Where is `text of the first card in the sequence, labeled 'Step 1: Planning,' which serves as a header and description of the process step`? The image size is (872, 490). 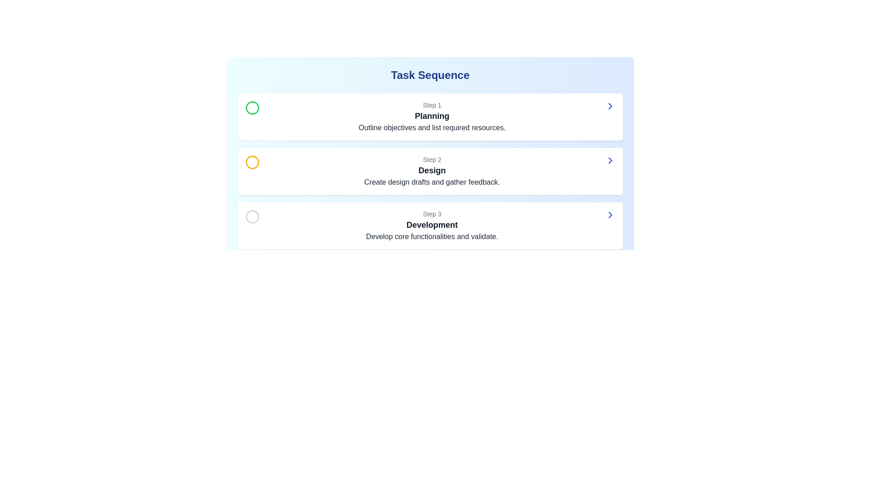 text of the first card in the sequence, labeled 'Step 1: Planning,' which serves as a header and description of the process step is located at coordinates (430, 117).